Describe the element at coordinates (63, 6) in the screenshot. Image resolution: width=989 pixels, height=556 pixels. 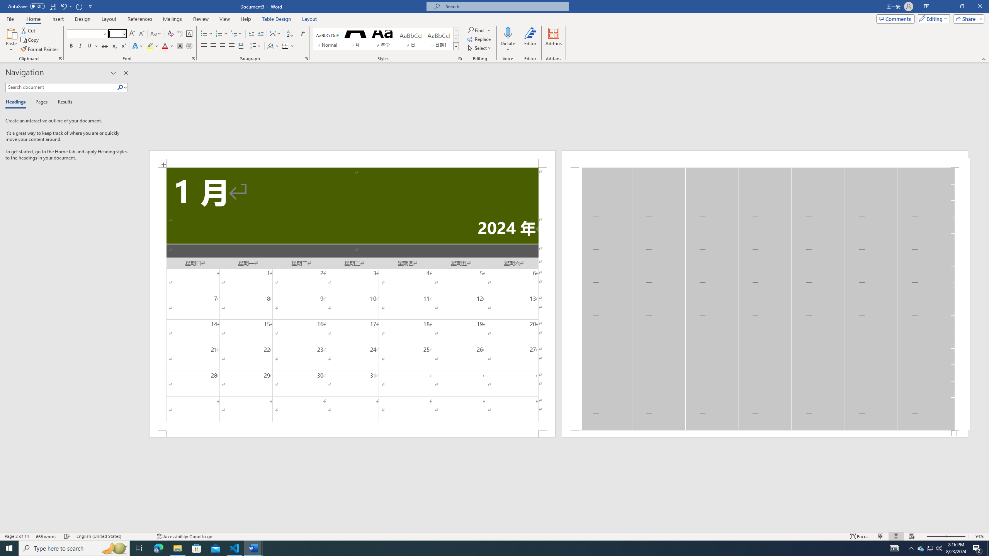
I see `'Undo Apply Quick Style'` at that location.